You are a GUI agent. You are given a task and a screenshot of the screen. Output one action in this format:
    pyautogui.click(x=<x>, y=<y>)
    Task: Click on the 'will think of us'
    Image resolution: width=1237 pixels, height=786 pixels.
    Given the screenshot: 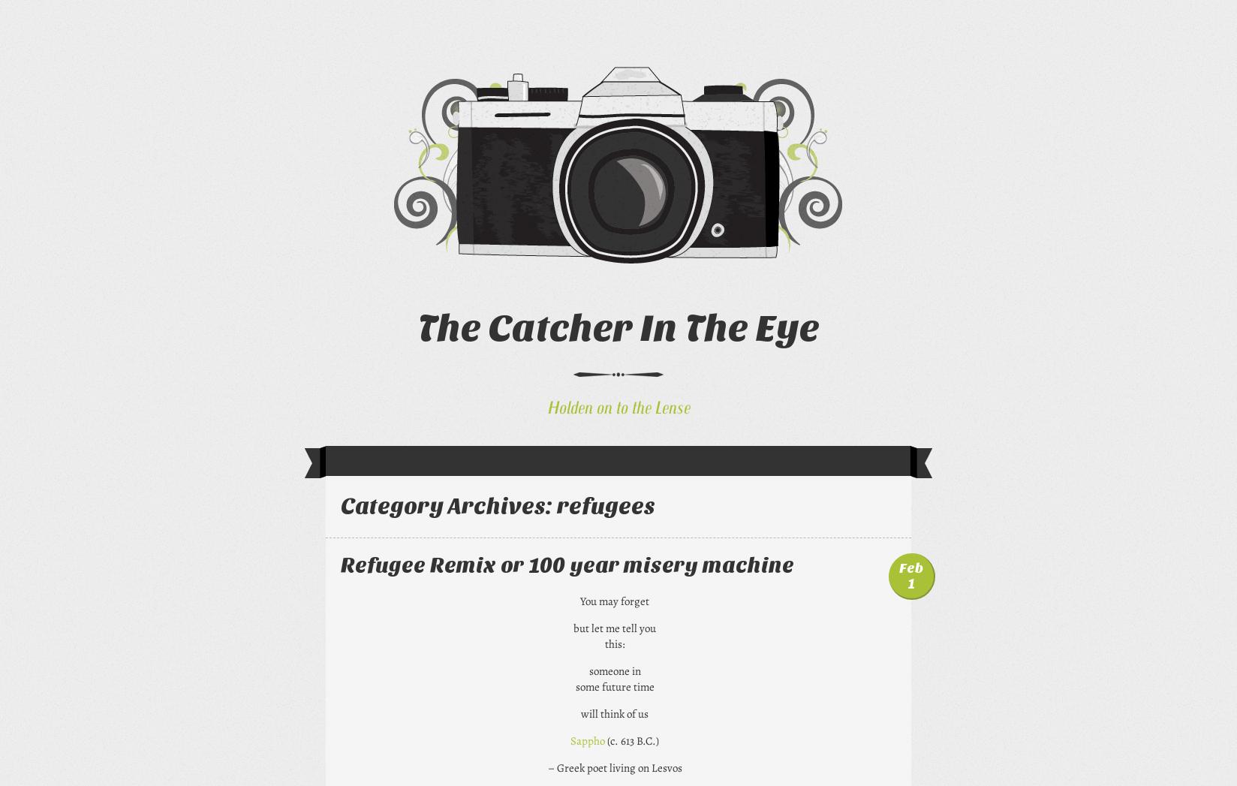 What is the action you would take?
    pyautogui.click(x=614, y=713)
    